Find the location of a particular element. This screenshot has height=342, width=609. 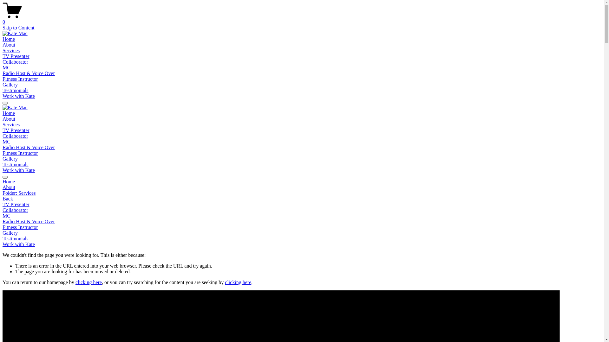

'Gallery' is located at coordinates (302, 233).